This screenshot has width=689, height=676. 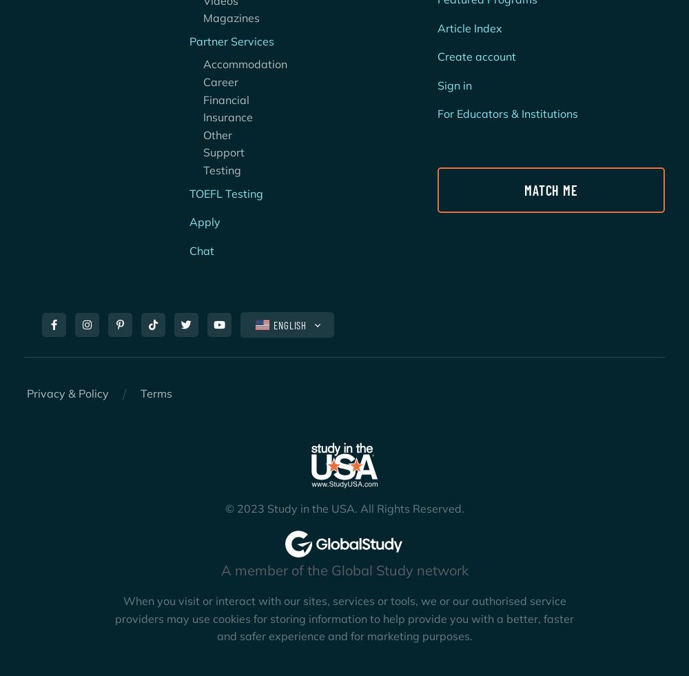 What do you see at coordinates (224, 17) in the screenshot?
I see `'Magazines'` at bounding box center [224, 17].